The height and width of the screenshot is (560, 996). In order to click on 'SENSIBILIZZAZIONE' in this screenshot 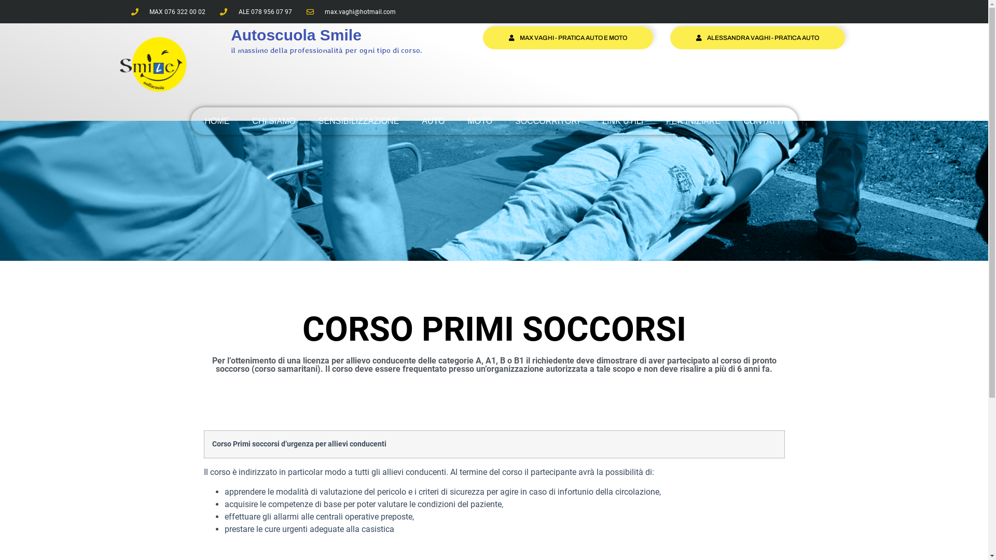, I will do `click(306, 121)`.